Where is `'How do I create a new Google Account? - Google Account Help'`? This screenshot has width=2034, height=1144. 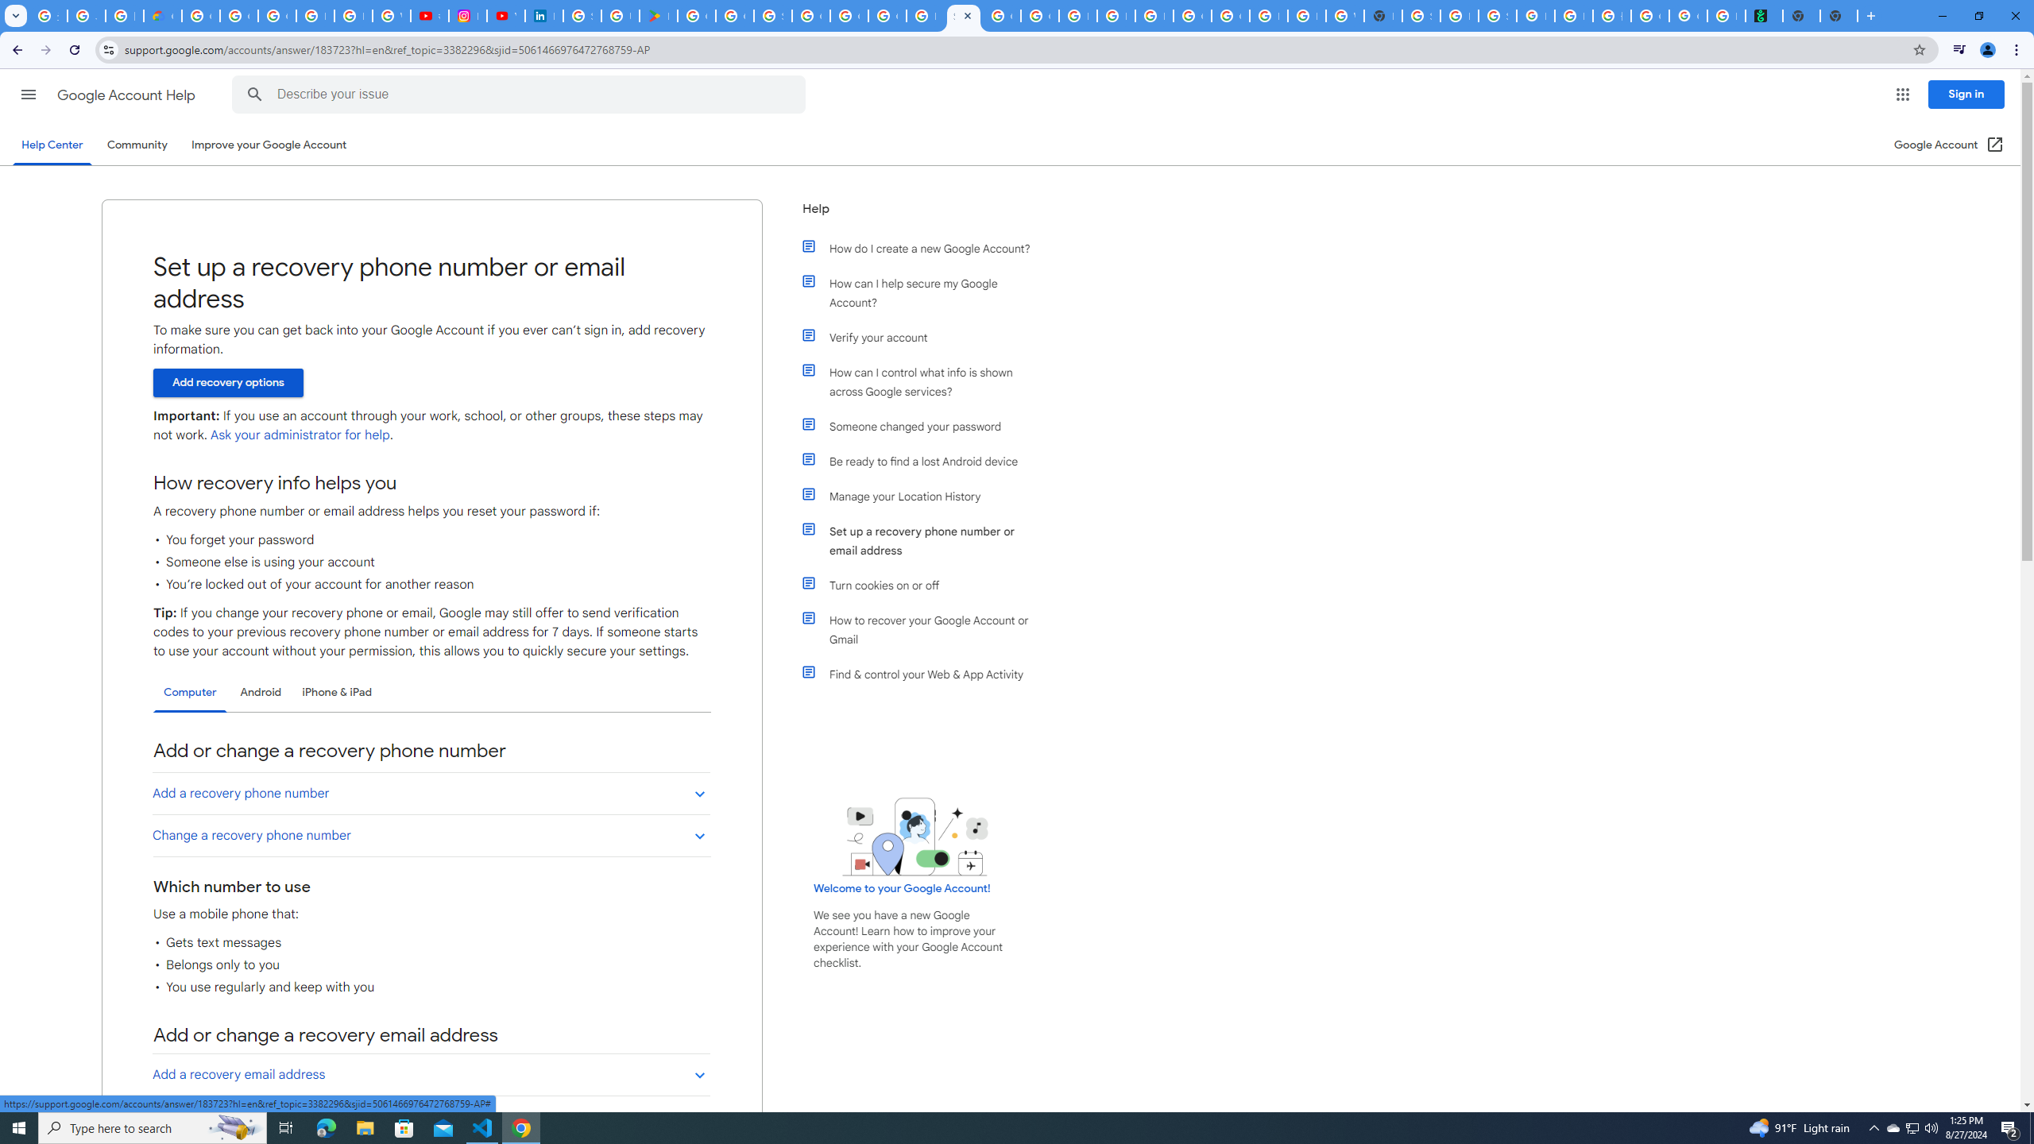
'How do I create a new Google Account? - Google Account Help' is located at coordinates (924, 15).